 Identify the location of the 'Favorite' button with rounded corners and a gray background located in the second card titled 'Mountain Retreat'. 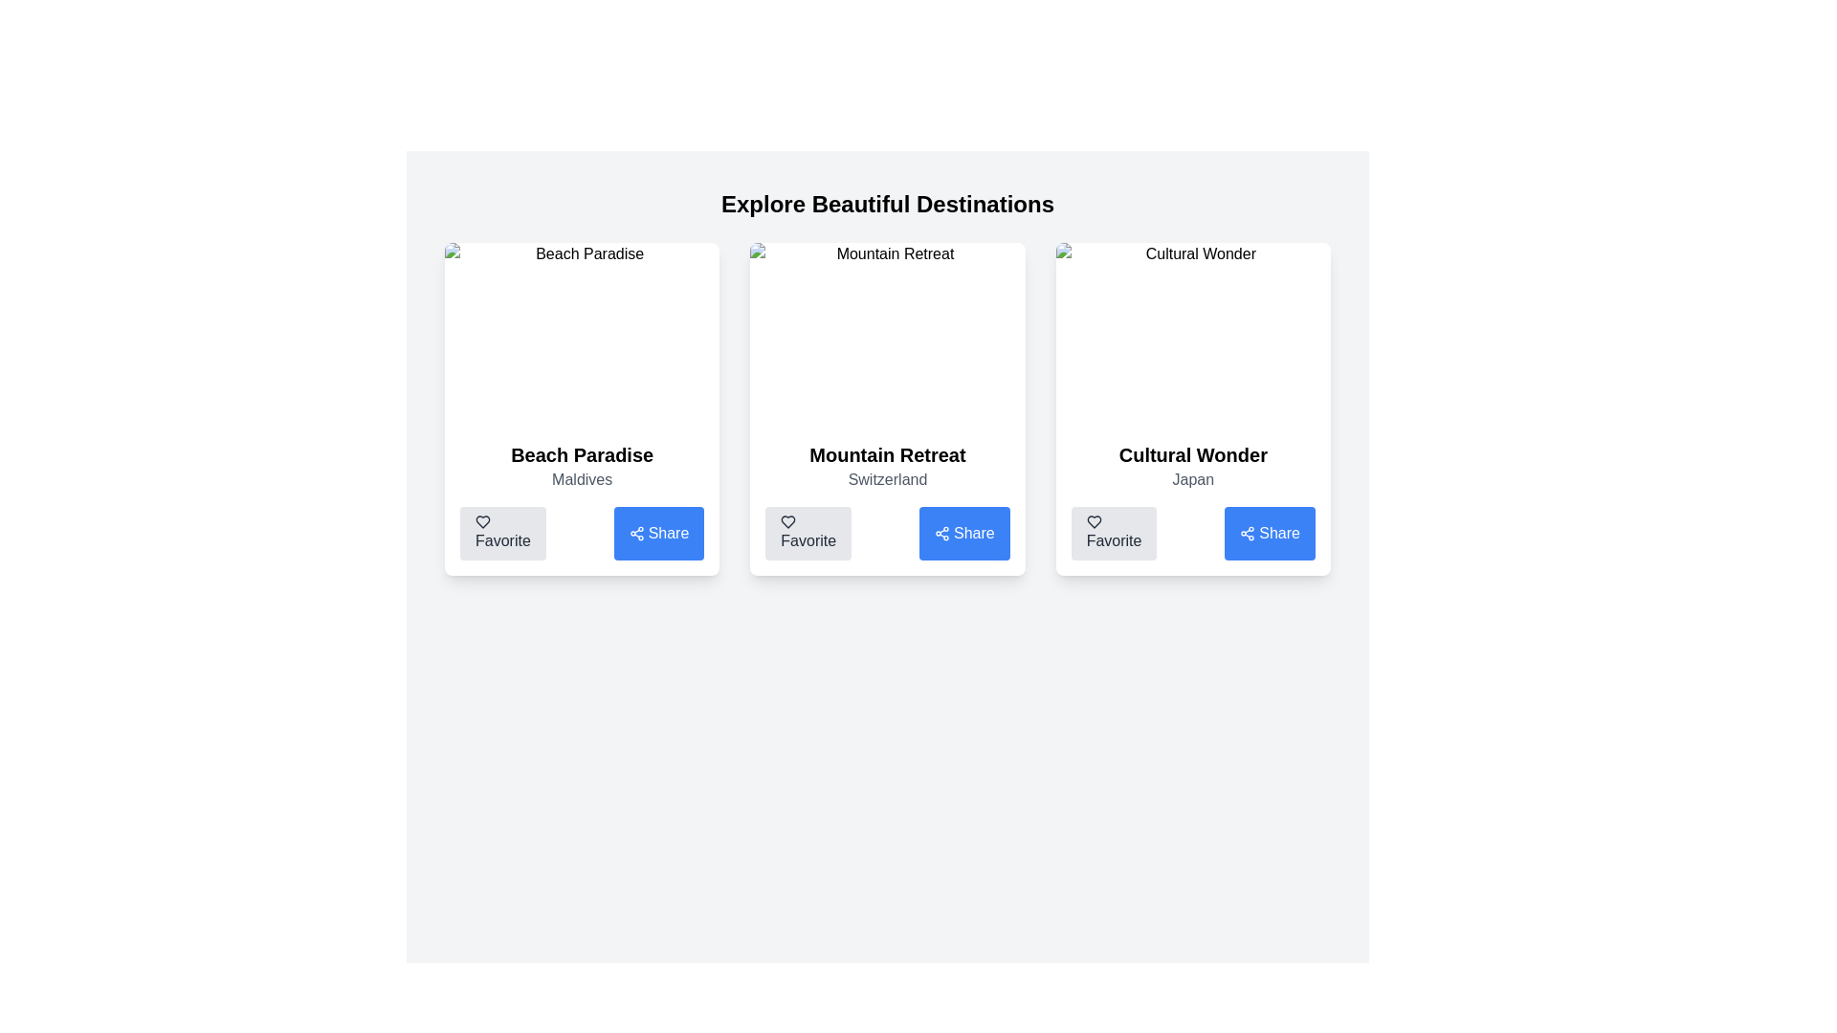
(808, 534).